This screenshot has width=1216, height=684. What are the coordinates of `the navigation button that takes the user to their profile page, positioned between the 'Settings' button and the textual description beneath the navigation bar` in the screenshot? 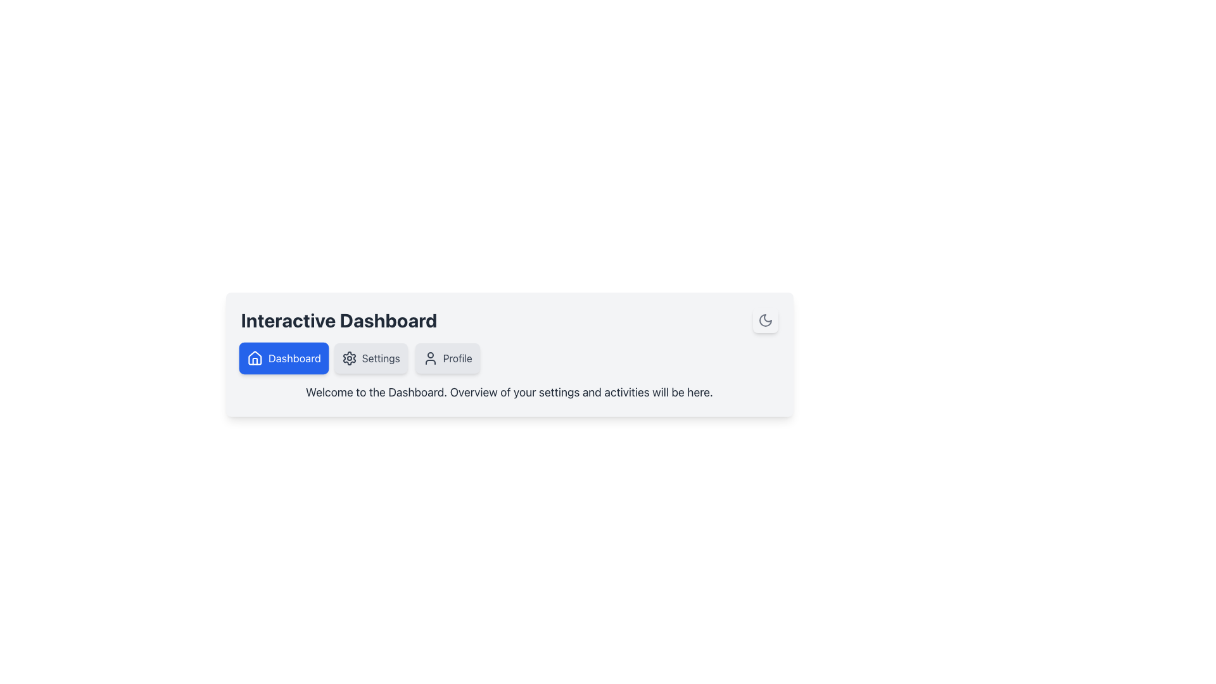 It's located at (447, 358).